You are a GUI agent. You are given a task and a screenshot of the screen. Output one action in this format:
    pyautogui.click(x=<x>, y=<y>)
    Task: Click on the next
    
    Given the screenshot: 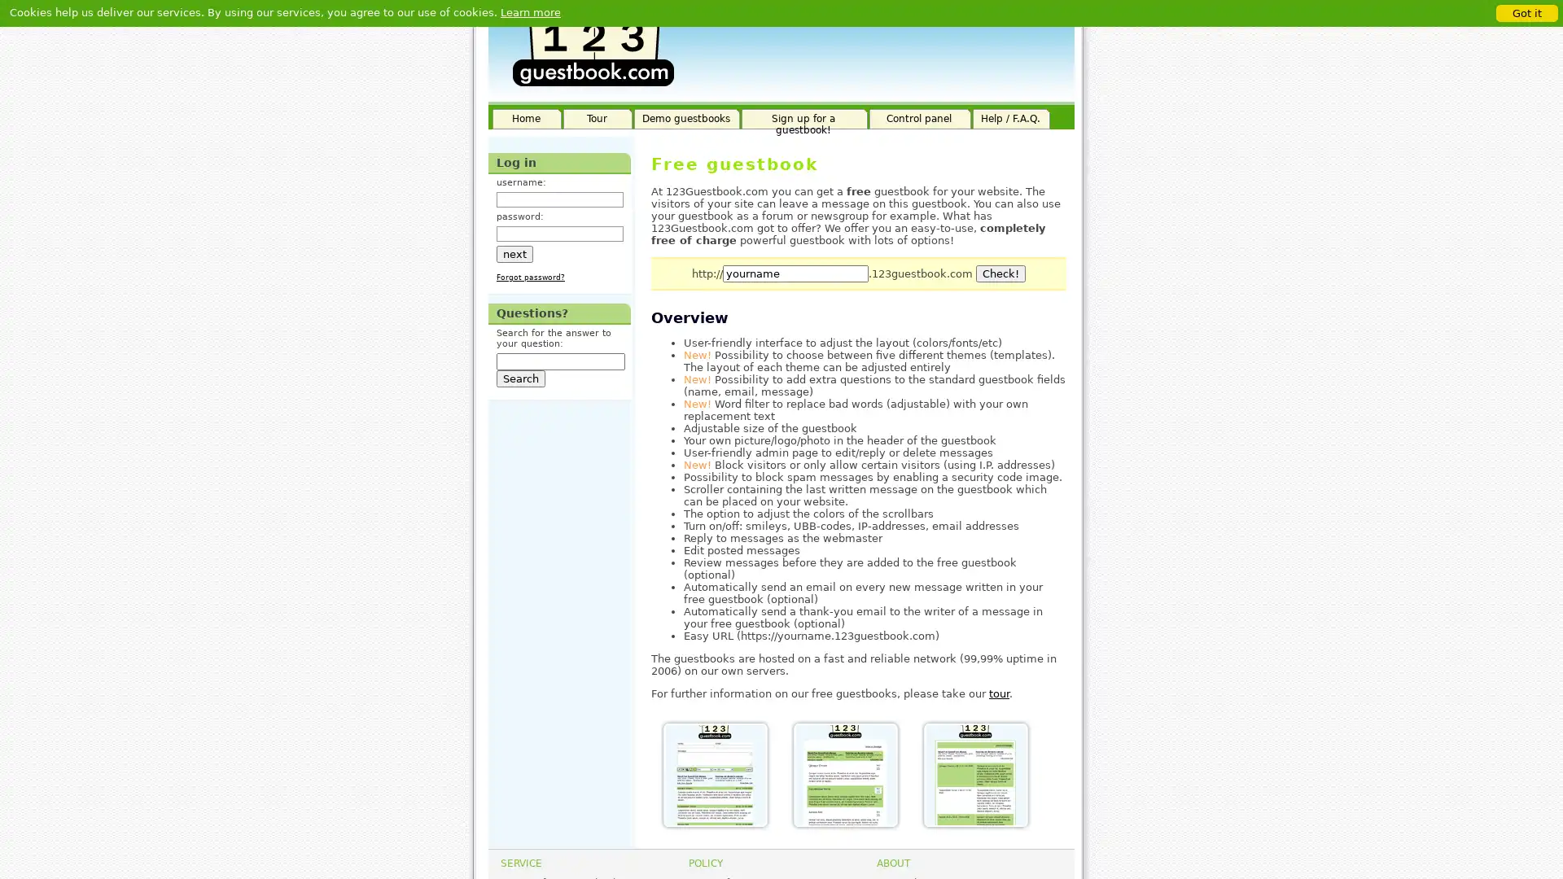 What is the action you would take?
    pyautogui.click(x=514, y=253)
    